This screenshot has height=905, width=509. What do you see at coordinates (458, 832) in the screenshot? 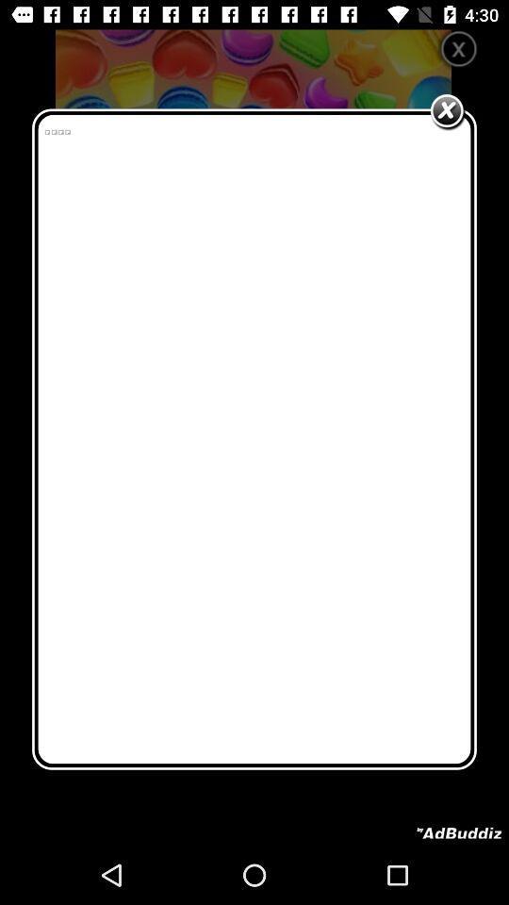
I see `adbuddiz` at bounding box center [458, 832].